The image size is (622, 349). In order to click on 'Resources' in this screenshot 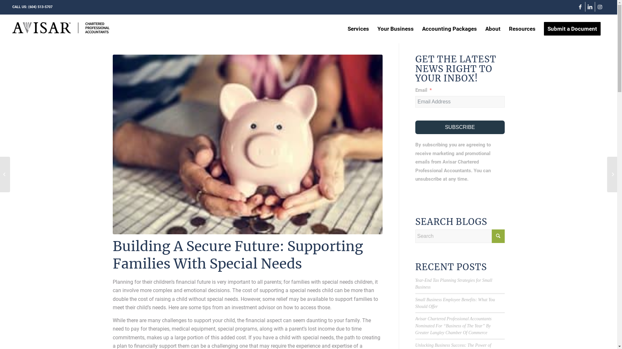, I will do `click(522, 28)`.